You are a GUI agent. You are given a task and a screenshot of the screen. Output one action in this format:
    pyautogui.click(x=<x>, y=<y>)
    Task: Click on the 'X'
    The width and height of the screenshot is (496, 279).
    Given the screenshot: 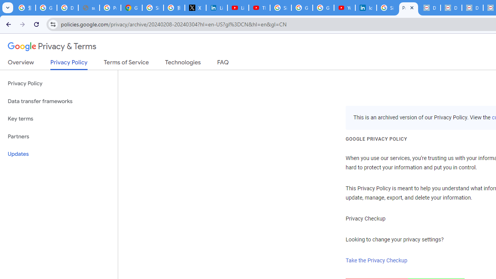 What is the action you would take?
    pyautogui.click(x=195, y=8)
    